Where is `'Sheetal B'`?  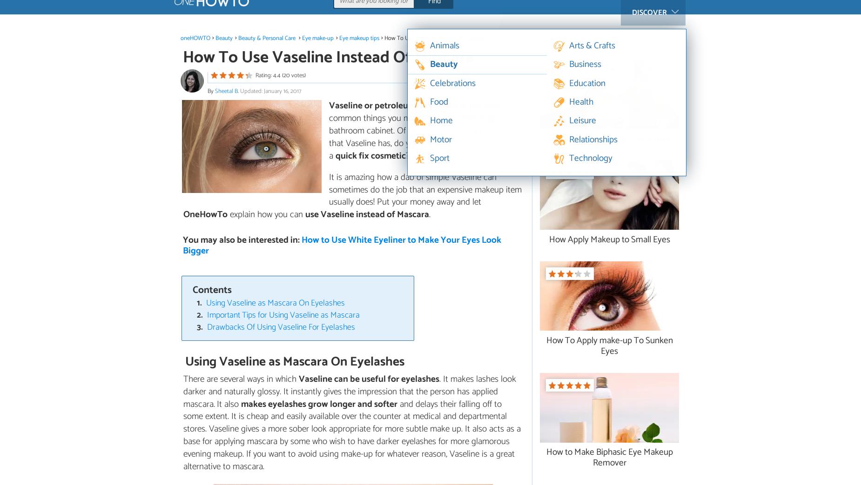
'Sheetal B' is located at coordinates (226, 90).